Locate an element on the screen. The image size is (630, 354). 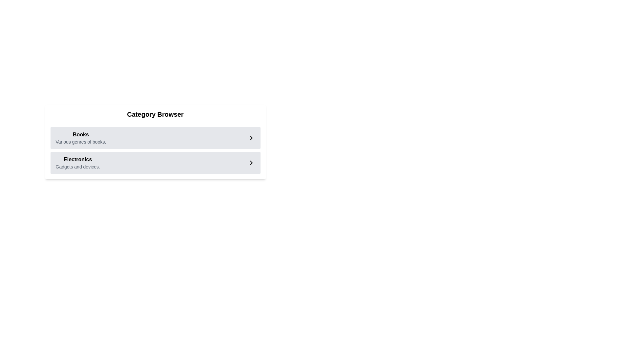
the second navigational category entry labeled 'Electronics' in the 'Category Browser' list is located at coordinates (155, 163).